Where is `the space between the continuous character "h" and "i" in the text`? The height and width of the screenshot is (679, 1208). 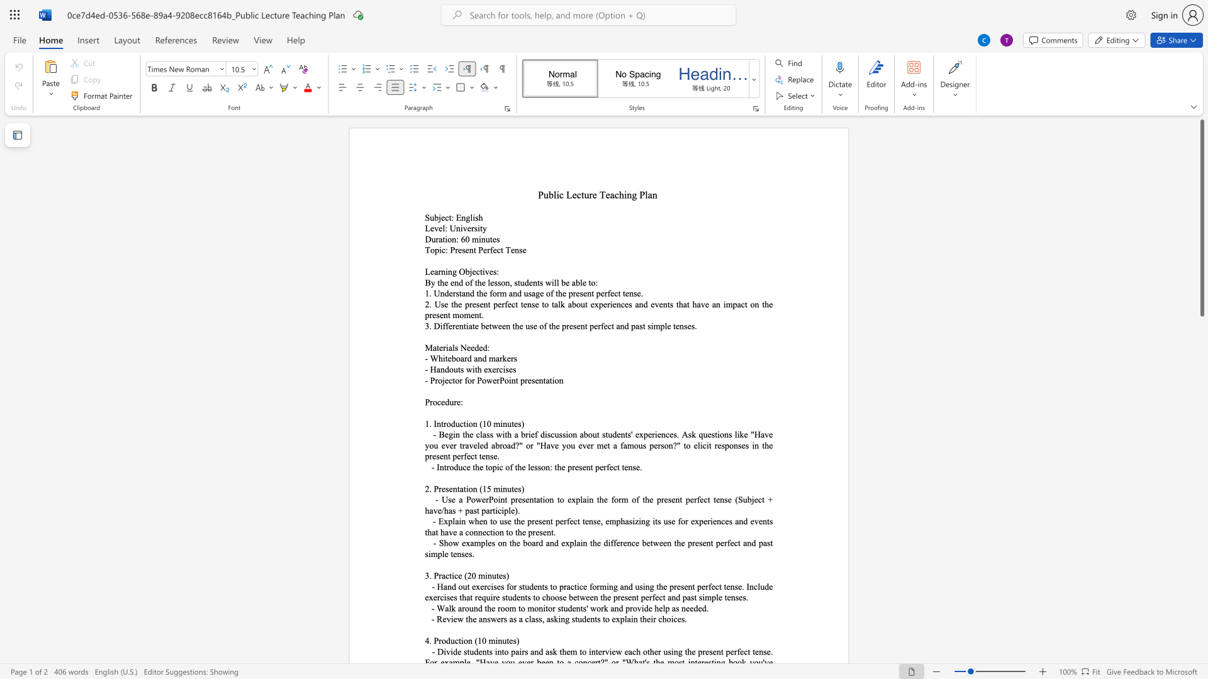 the space between the continuous character "h" and "i" in the text is located at coordinates (442, 358).